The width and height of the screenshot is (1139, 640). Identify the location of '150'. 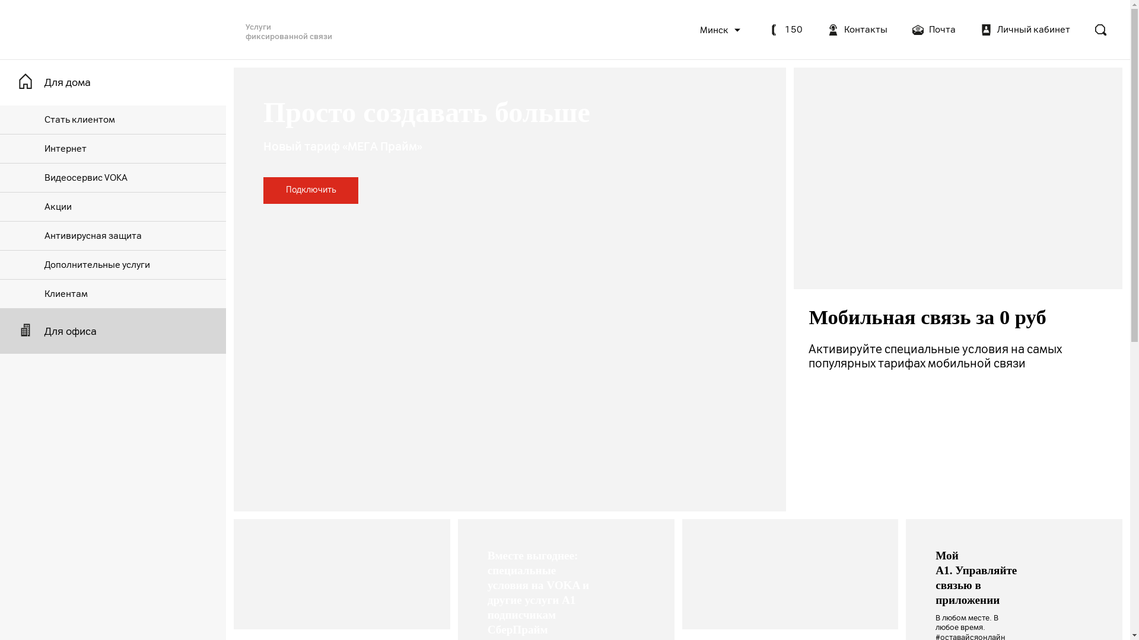
(785, 29).